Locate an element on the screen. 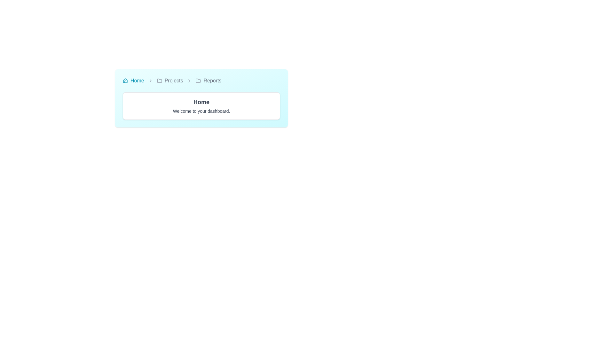  the 'Projects' icon, which is the first icon in the 'Projects' breadcrumb link and serves as a visual marker for this section is located at coordinates (159, 80).